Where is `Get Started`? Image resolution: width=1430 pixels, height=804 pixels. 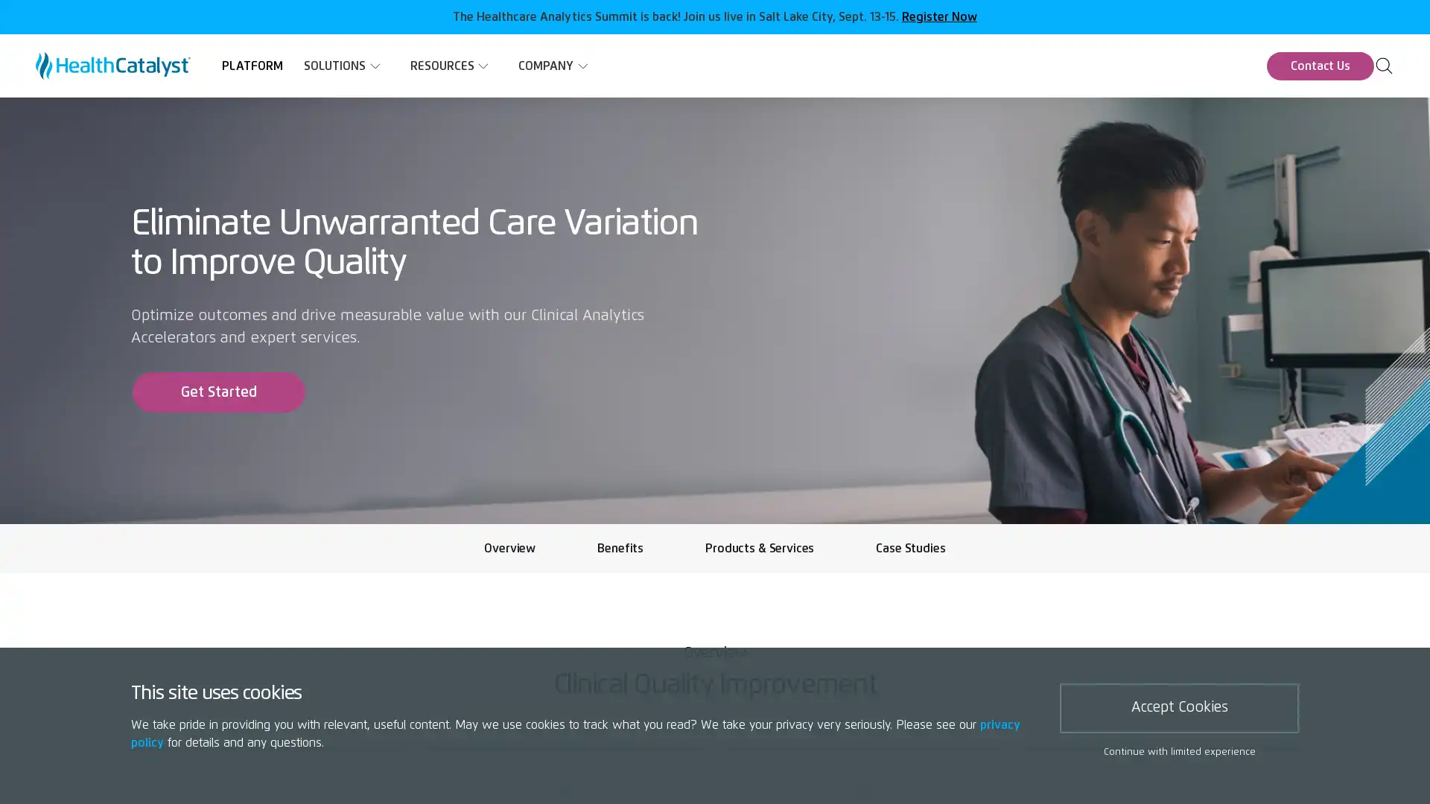 Get Started is located at coordinates (217, 392).